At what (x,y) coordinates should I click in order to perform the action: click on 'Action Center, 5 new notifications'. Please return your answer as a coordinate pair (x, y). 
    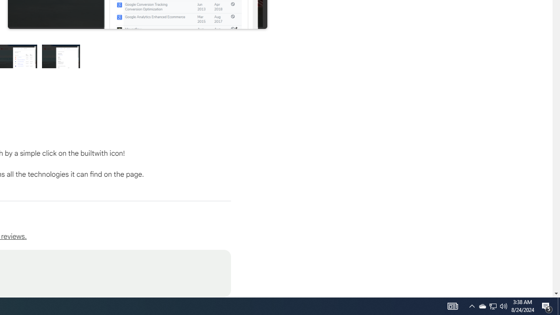
    Looking at the image, I should click on (547, 305).